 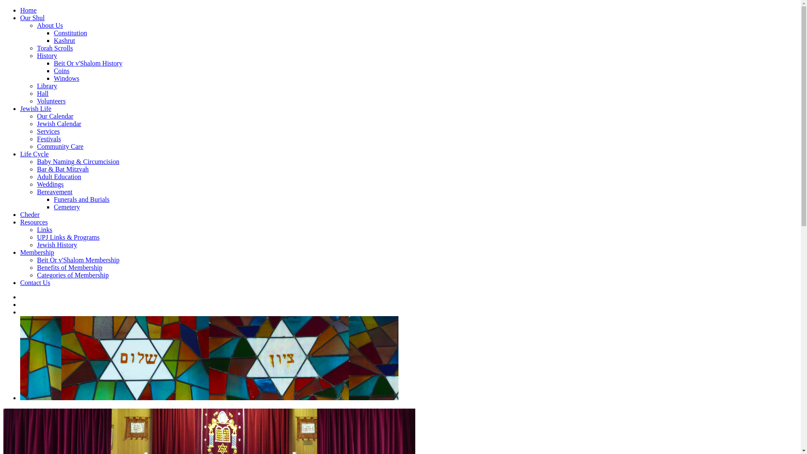 I want to click on 'Beit Or v'Shalom History', so click(x=53, y=63).